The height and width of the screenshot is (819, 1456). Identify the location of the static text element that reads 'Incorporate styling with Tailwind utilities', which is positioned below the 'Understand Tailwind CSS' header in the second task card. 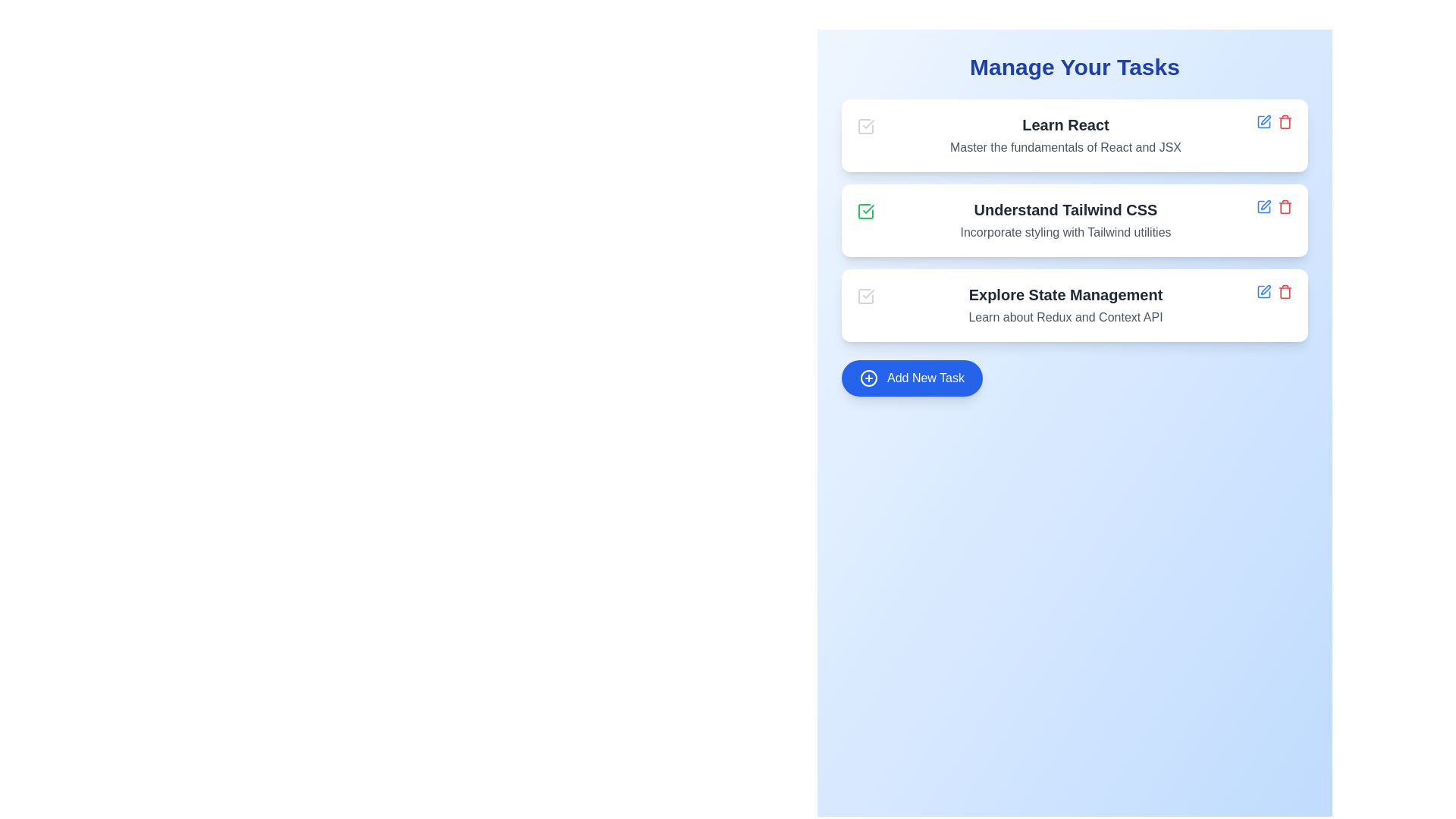
(1065, 233).